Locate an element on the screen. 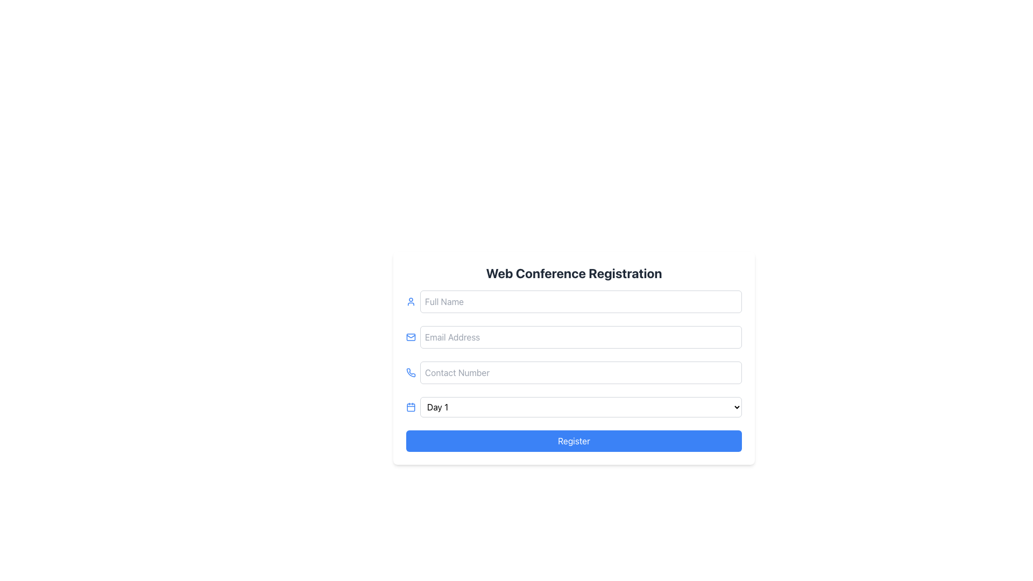 The width and height of the screenshot is (1033, 581). the text input field for full name is located at coordinates (581, 301).